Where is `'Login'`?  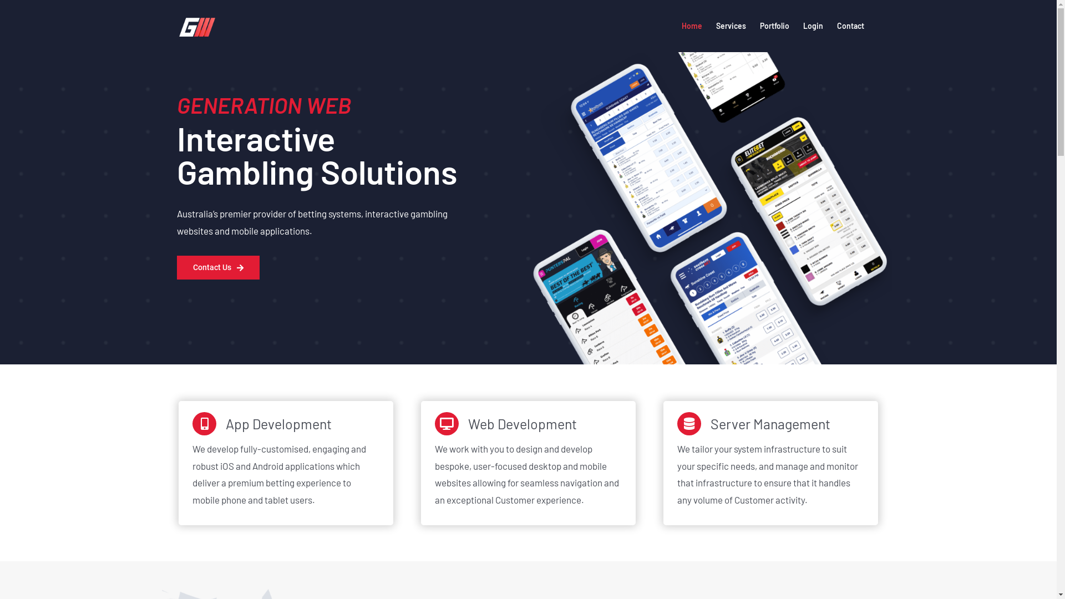
'Login' is located at coordinates (813, 25).